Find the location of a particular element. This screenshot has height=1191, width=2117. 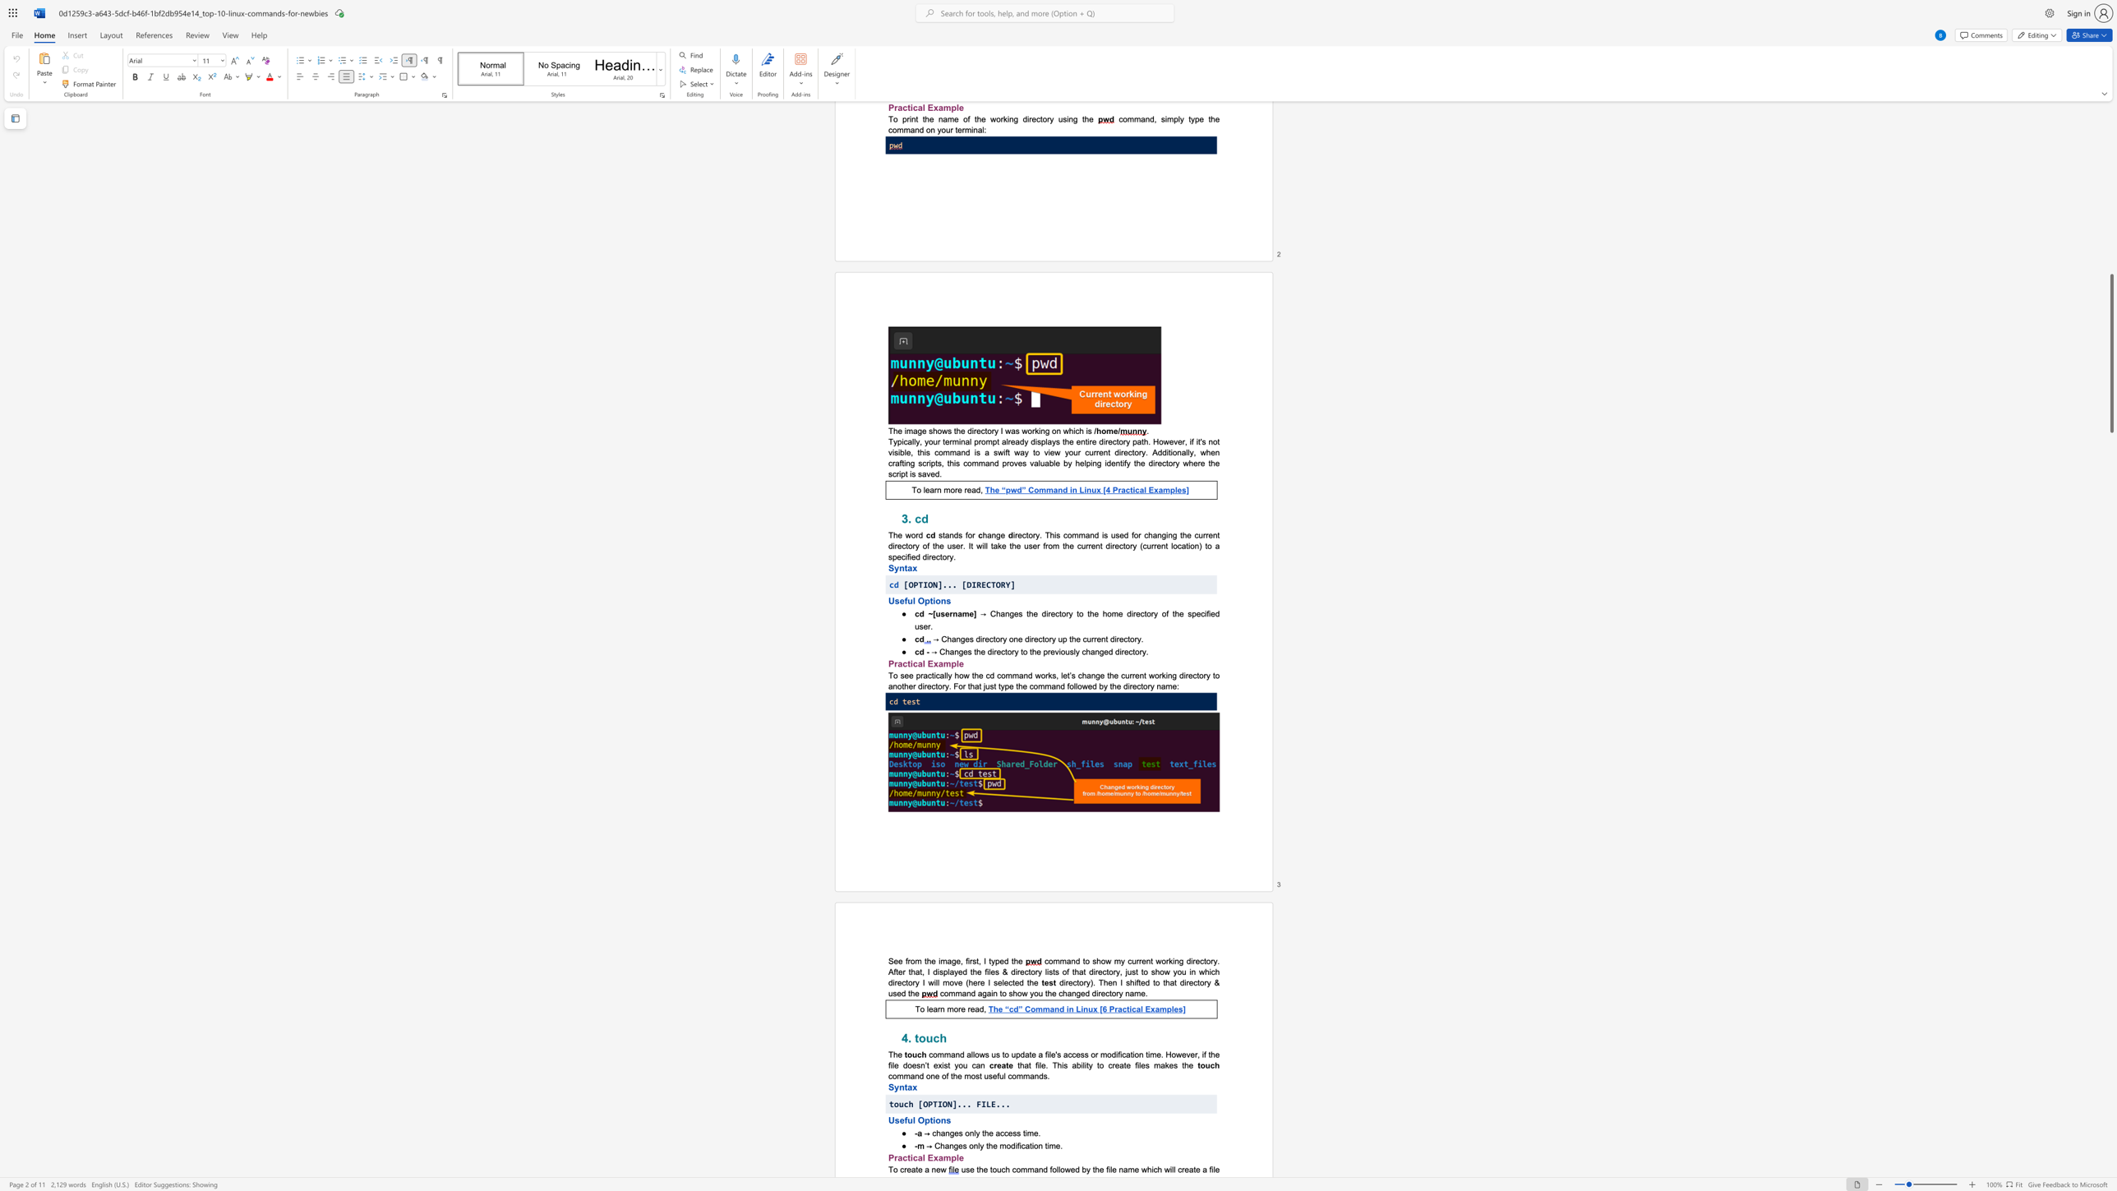

the subset text "ful Option" within the text "Useful Options" is located at coordinates (904, 1119).